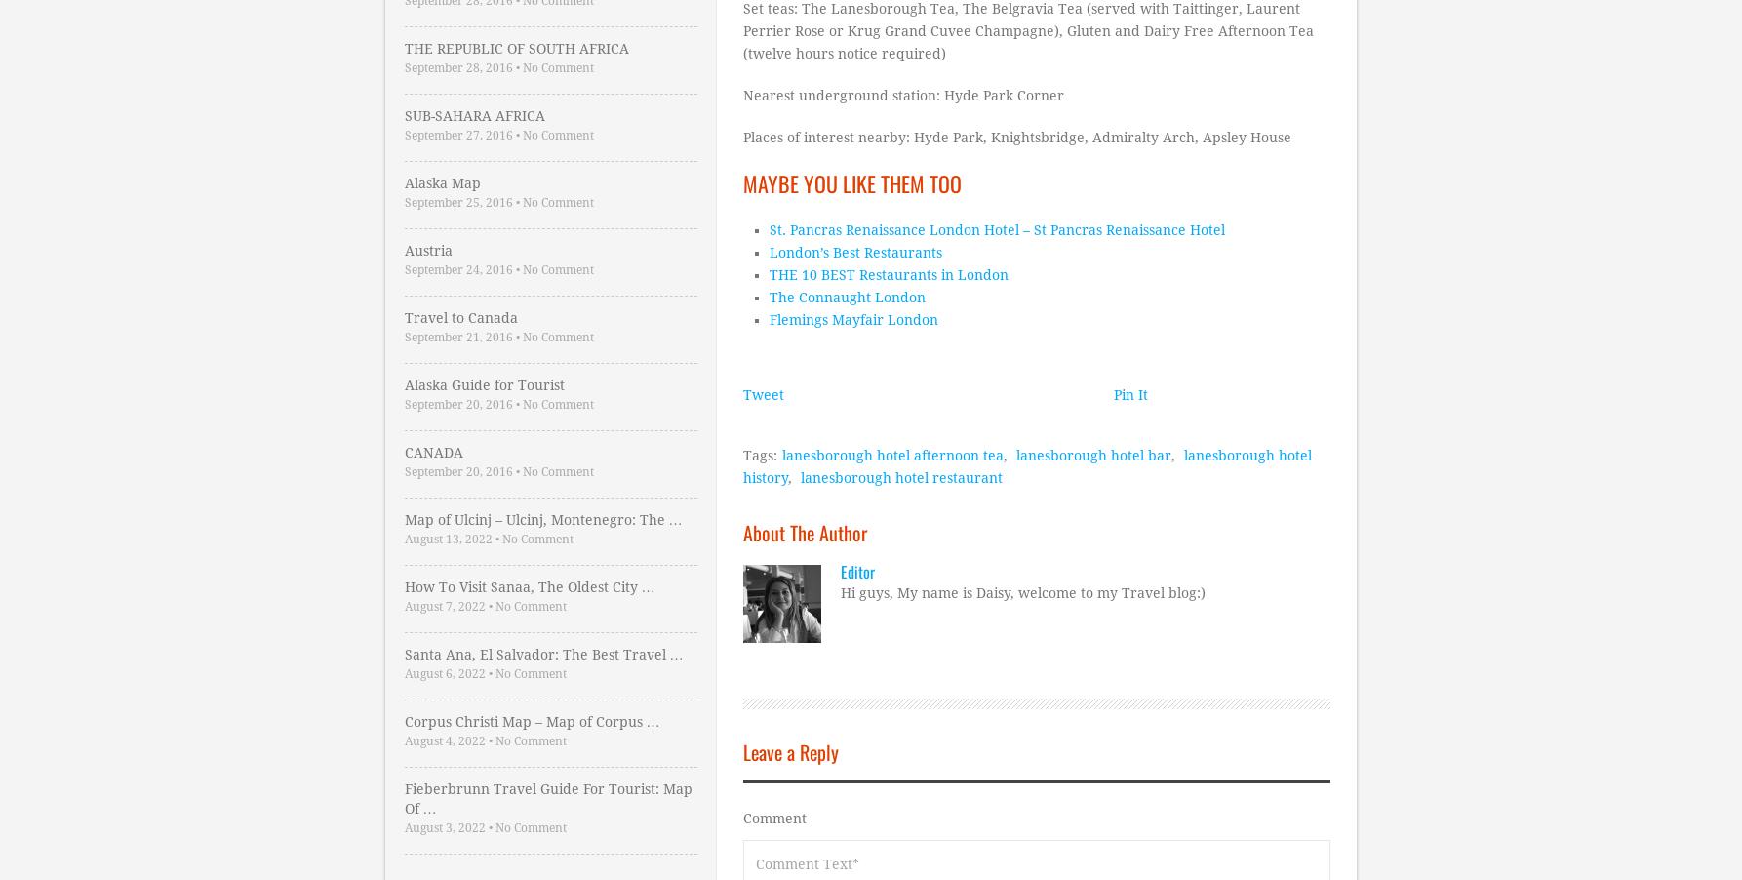 Image resolution: width=1742 pixels, height=880 pixels. What do you see at coordinates (515, 47) in the screenshot?
I see `'THE REPUBLIC OF SOUTH AFRICA'` at bounding box center [515, 47].